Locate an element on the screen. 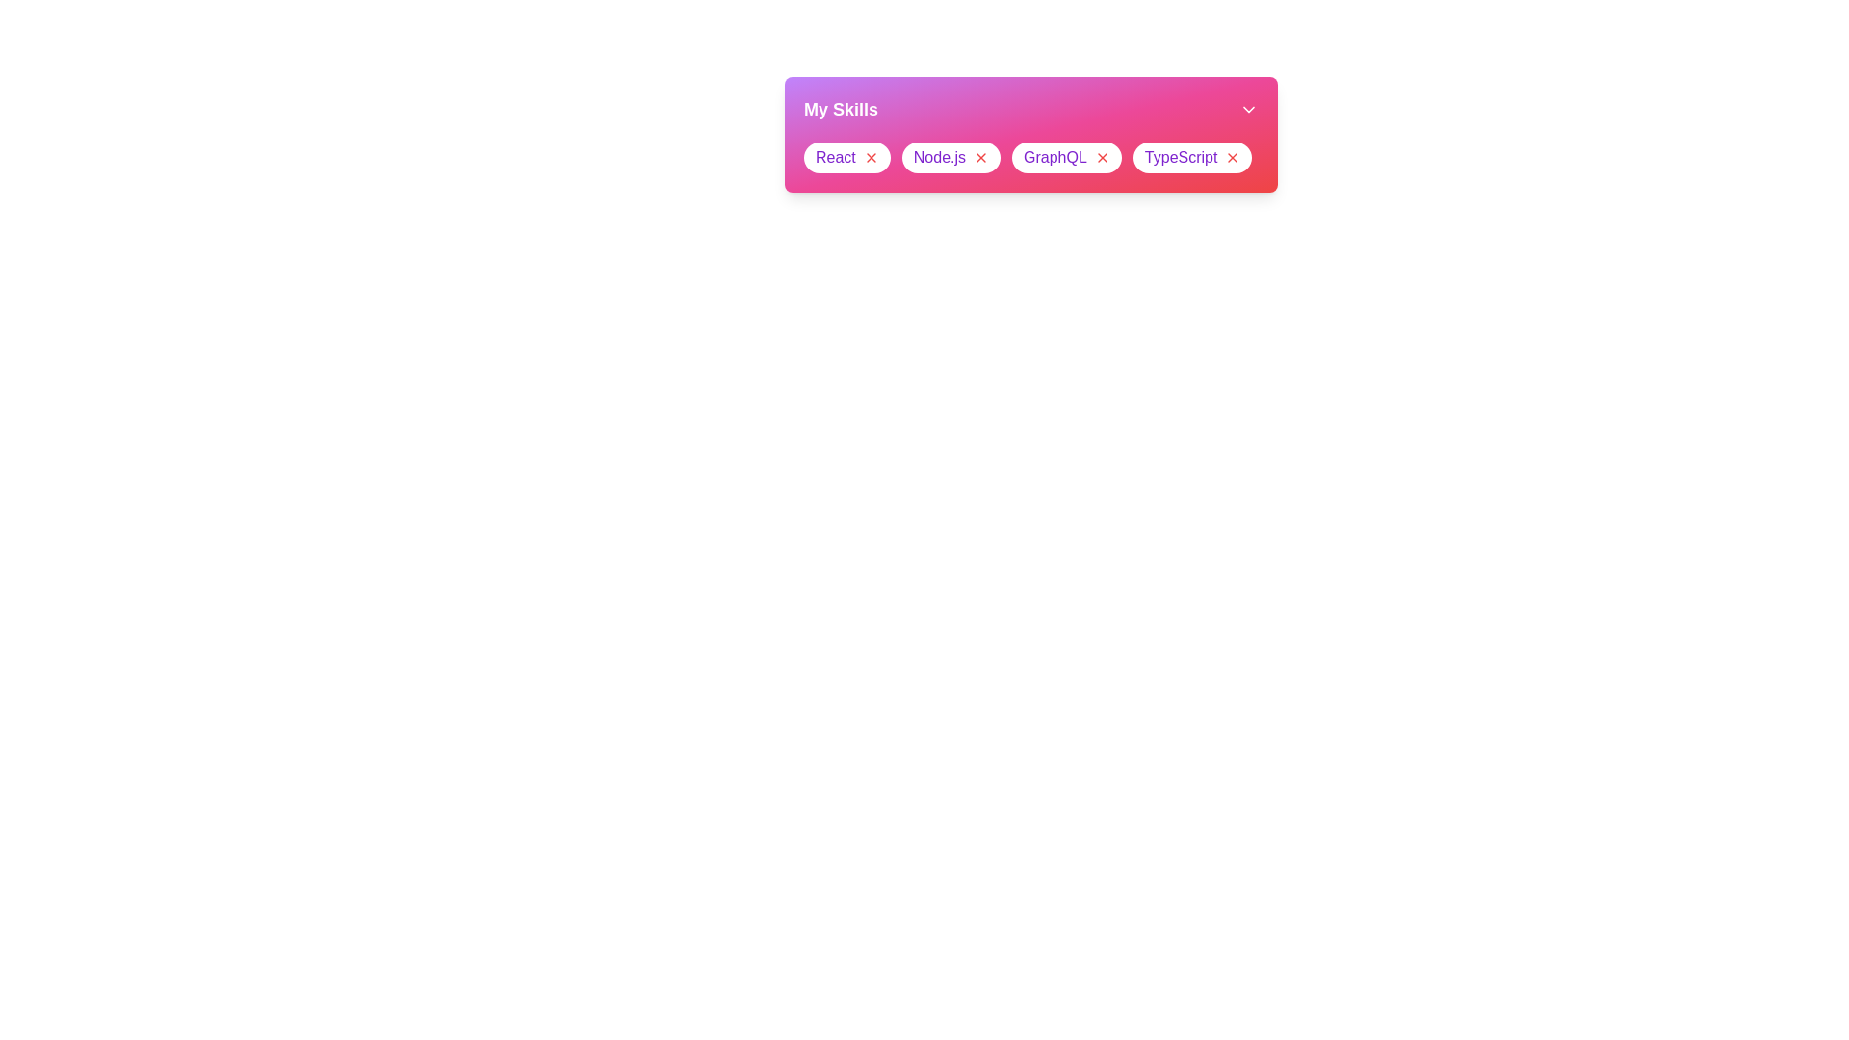 The height and width of the screenshot is (1040, 1849). the close button of the skill chip labeled React is located at coordinates (870, 157).